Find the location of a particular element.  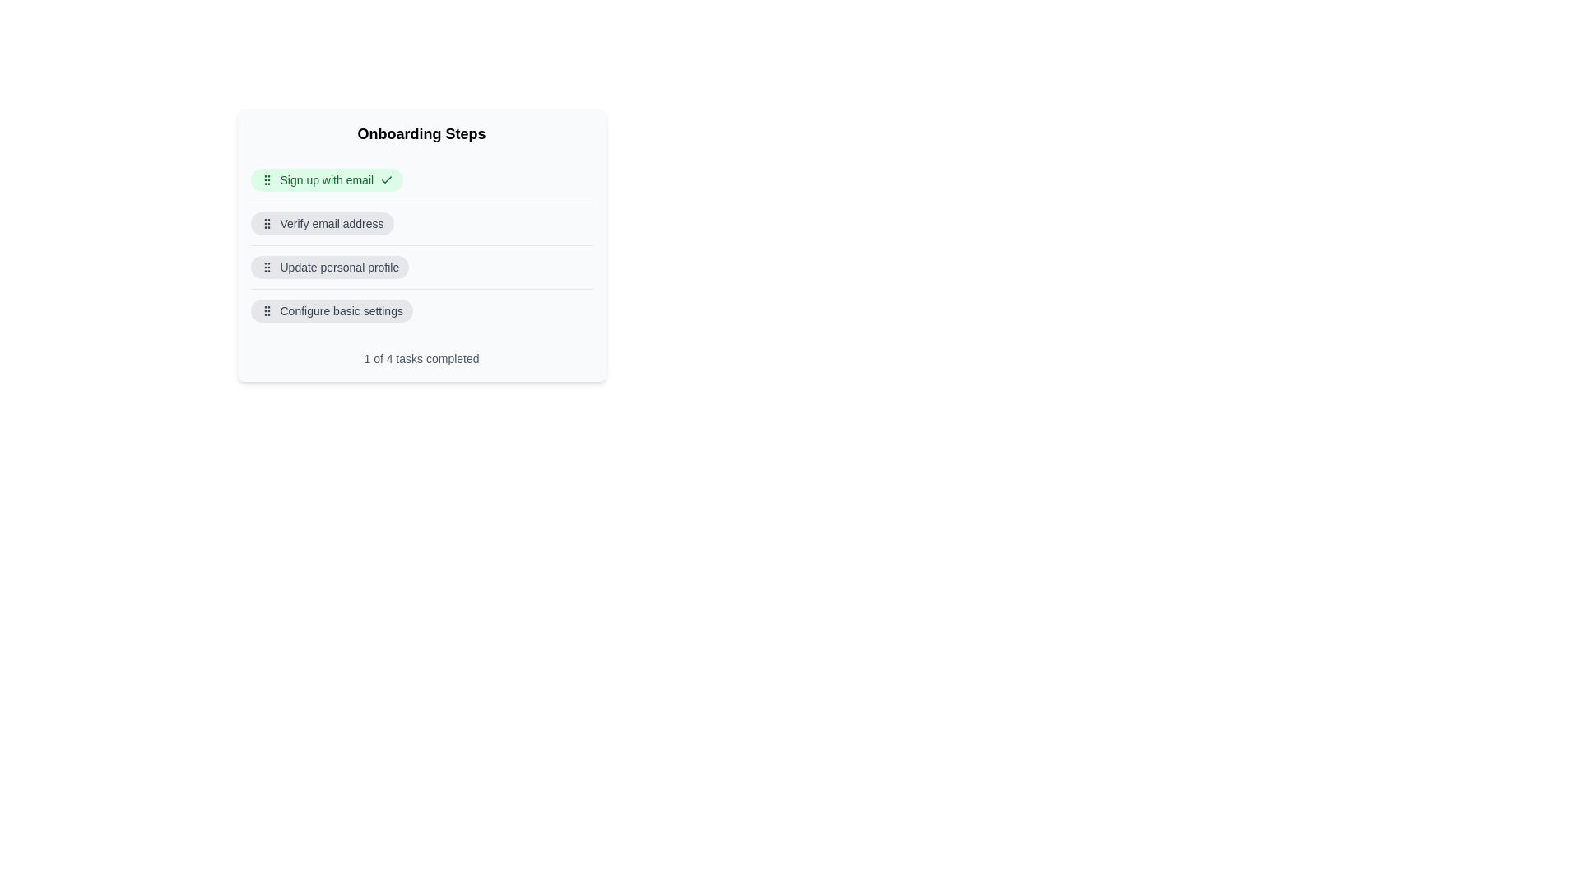

the second item in the onboarding task list labeled 'Verify email address' to interact with the task is located at coordinates (421, 223).